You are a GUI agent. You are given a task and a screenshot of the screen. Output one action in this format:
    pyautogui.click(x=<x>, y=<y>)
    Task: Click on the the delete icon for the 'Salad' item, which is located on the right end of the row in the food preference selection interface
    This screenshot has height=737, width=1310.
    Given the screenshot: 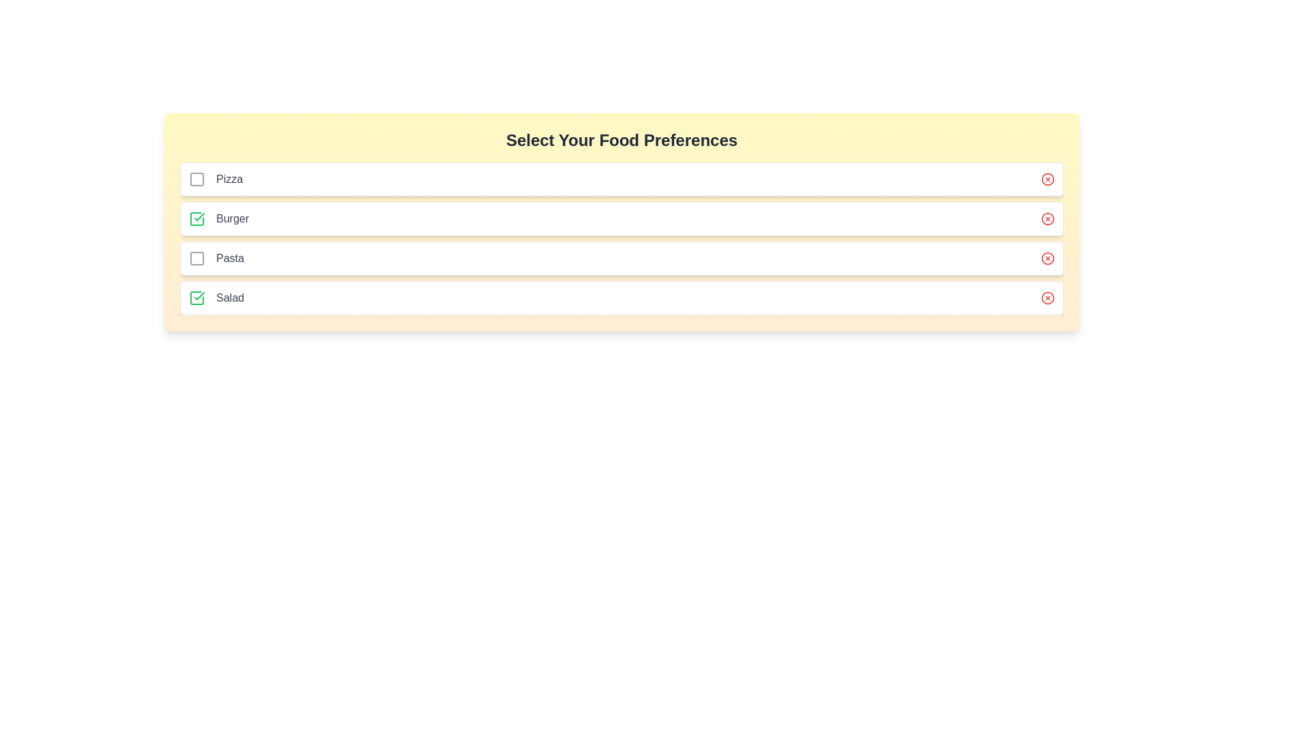 What is the action you would take?
    pyautogui.click(x=1047, y=297)
    